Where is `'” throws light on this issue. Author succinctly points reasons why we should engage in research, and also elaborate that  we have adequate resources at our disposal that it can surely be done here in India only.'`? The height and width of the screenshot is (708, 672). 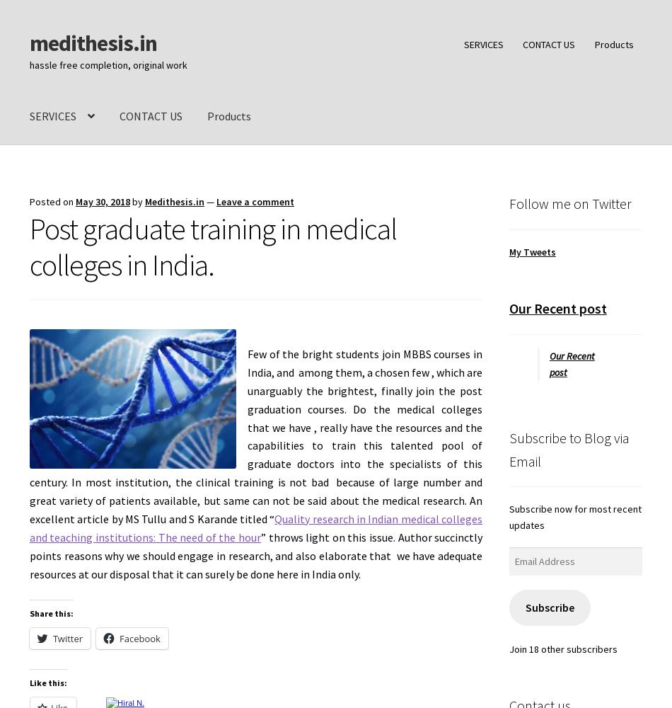 '” throws light on this issue. Author succinctly points reasons why we should engage in research, and also elaborate that  we have adequate resources at our disposal that it can surely be done here in India only.' is located at coordinates (255, 555).